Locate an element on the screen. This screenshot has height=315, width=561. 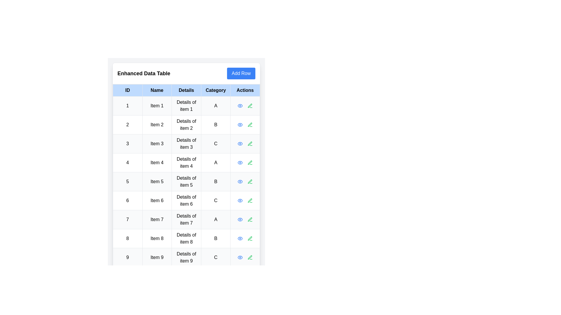
the table cell displaying the name 'Item 4' located in the fourth row under the 'Name' column is located at coordinates (157, 163).